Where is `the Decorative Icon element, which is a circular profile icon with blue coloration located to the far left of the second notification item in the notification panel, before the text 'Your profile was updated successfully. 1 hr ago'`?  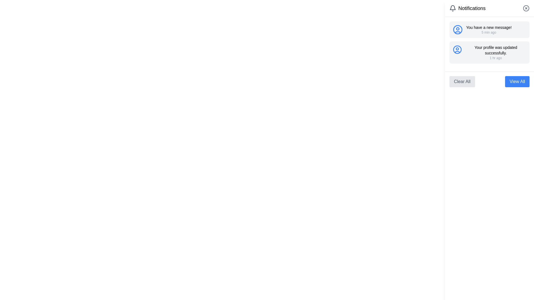
the Decorative Icon element, which is a circular profile icon with blue coloration located to the far left of the second notification item in the notification panel, before the text 'Your profile was updated successfully. 1 hr ago' is located at coordinates (457, 49).